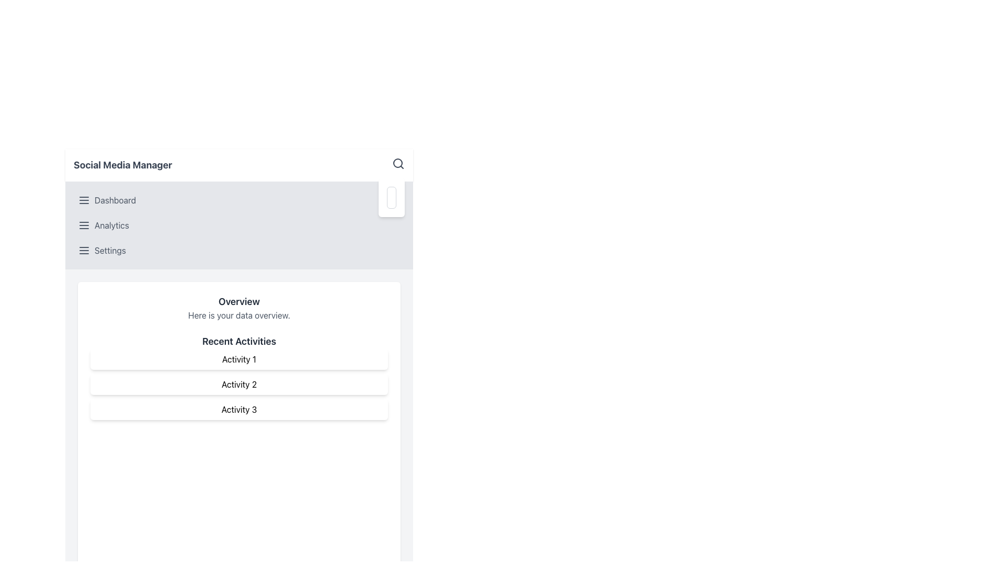 This screenshot has height=565, width=1004. What do you see at coordinates (238, 200) in the screenshot?
I see `the first menu item in the vertically stacked menu list, which is positioned above the 'Analytics' and 'Settings' menu items` at bounding box center [238, 200].